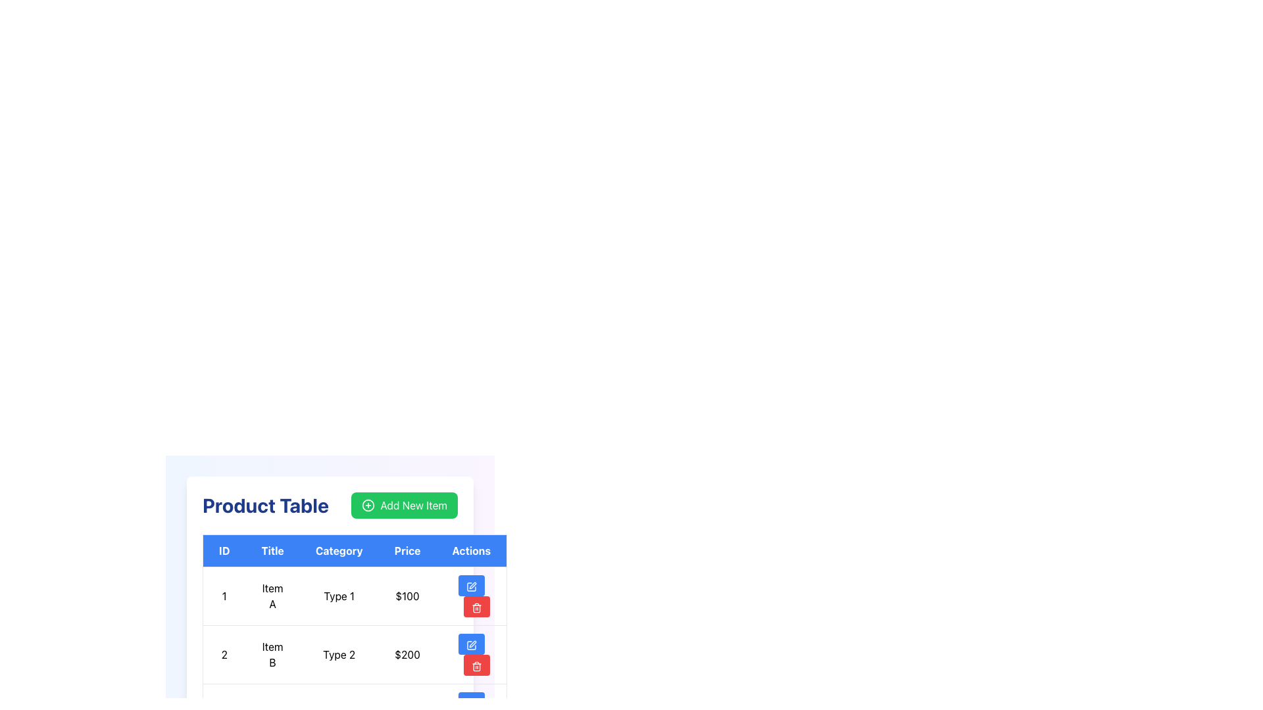 The image size is (1263, 710). What do you see at coordinates (476, 607) in the screenshot?
I see `the delete icon button for 'Item B' in the 'Product Table'` at bounding box center [476, 607].